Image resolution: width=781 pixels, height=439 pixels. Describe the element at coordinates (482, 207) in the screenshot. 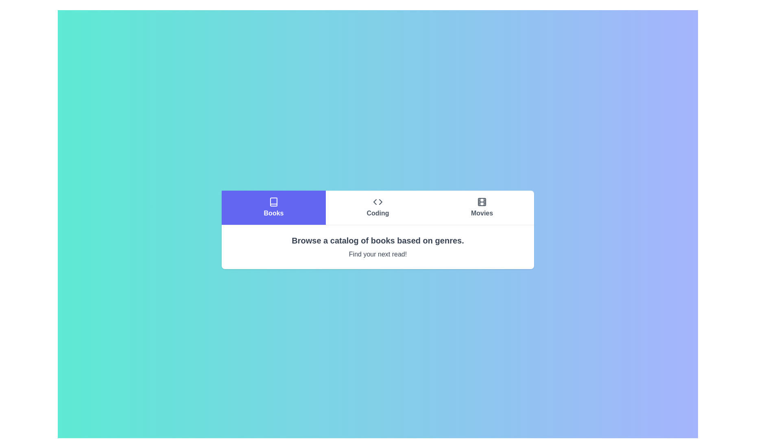

I see `the button labeled Movies to observe its hover state` at that location.